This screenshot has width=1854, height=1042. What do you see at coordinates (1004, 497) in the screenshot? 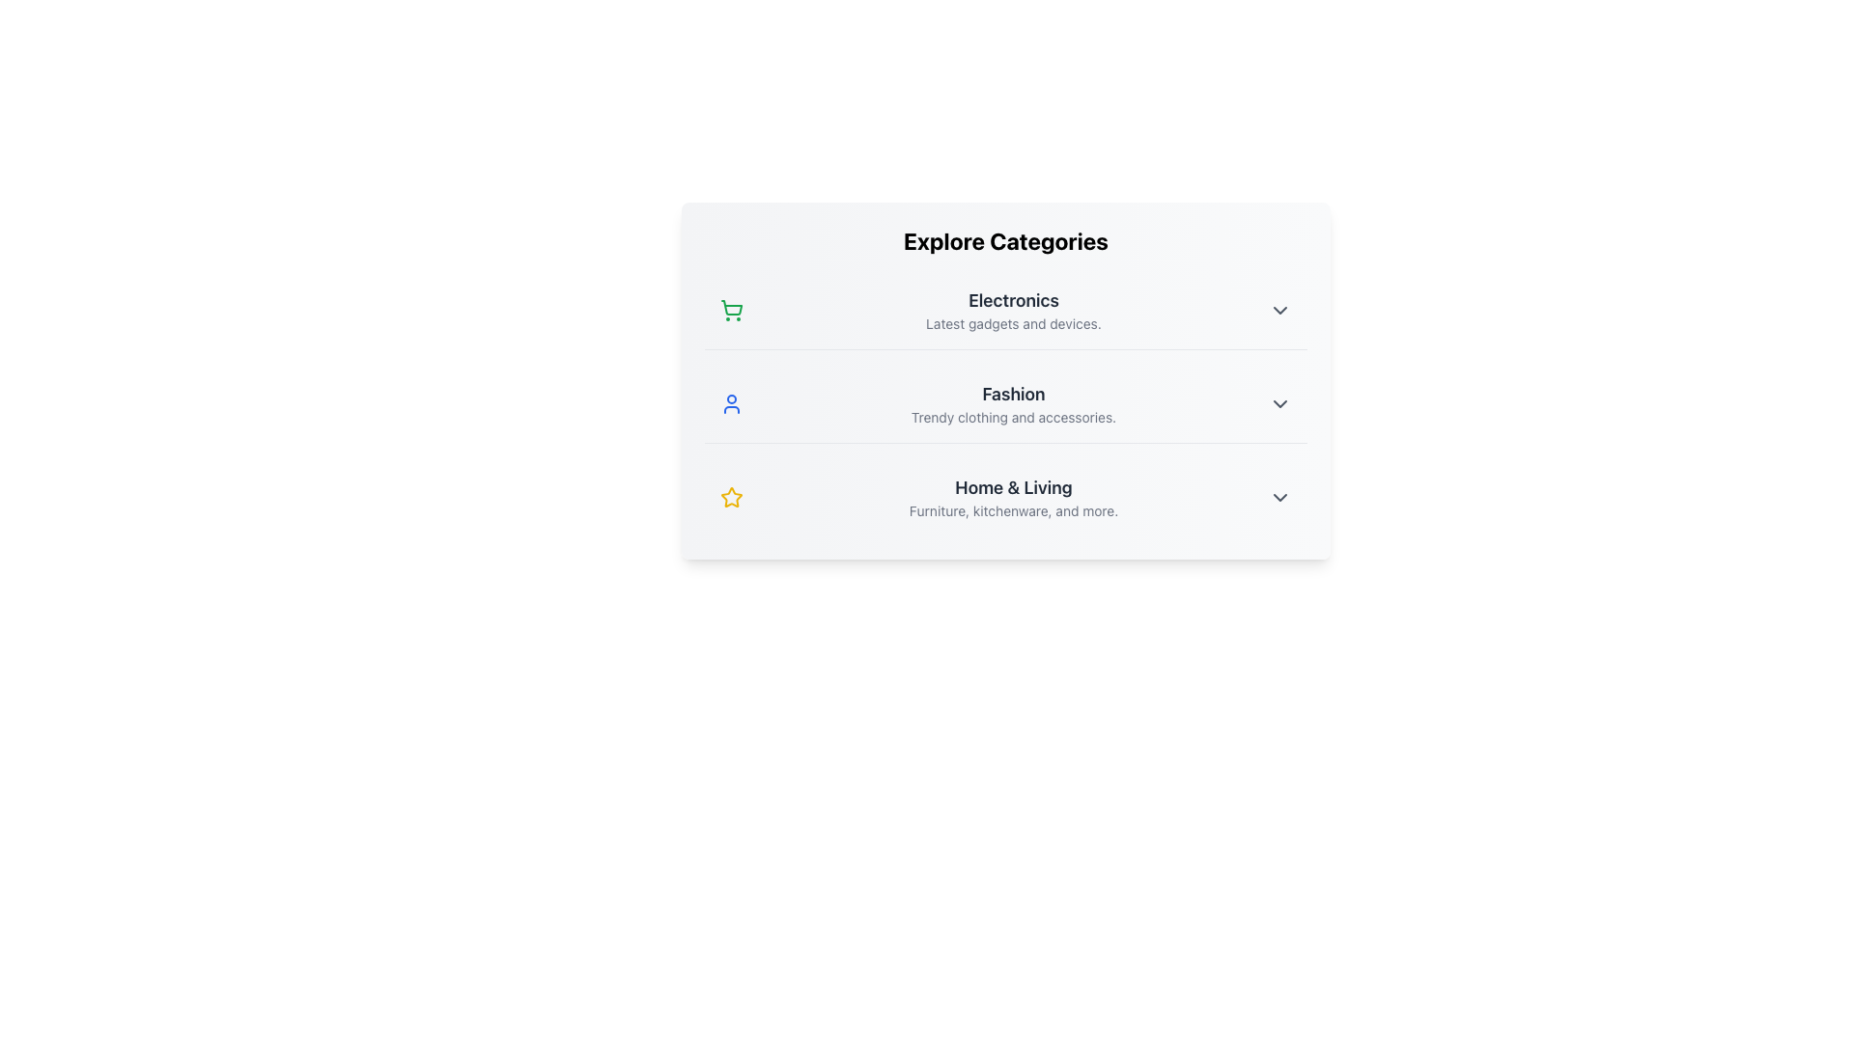
I see `the 'Home & Living' category list item, which includes a bold title and a description` at bounding box center [1004, 497].